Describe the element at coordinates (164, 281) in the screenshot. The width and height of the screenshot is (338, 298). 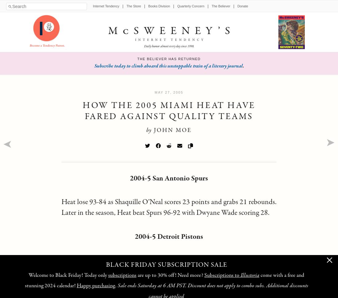
I see `'come with a free and stunning 2024 calendar!'` at that location.